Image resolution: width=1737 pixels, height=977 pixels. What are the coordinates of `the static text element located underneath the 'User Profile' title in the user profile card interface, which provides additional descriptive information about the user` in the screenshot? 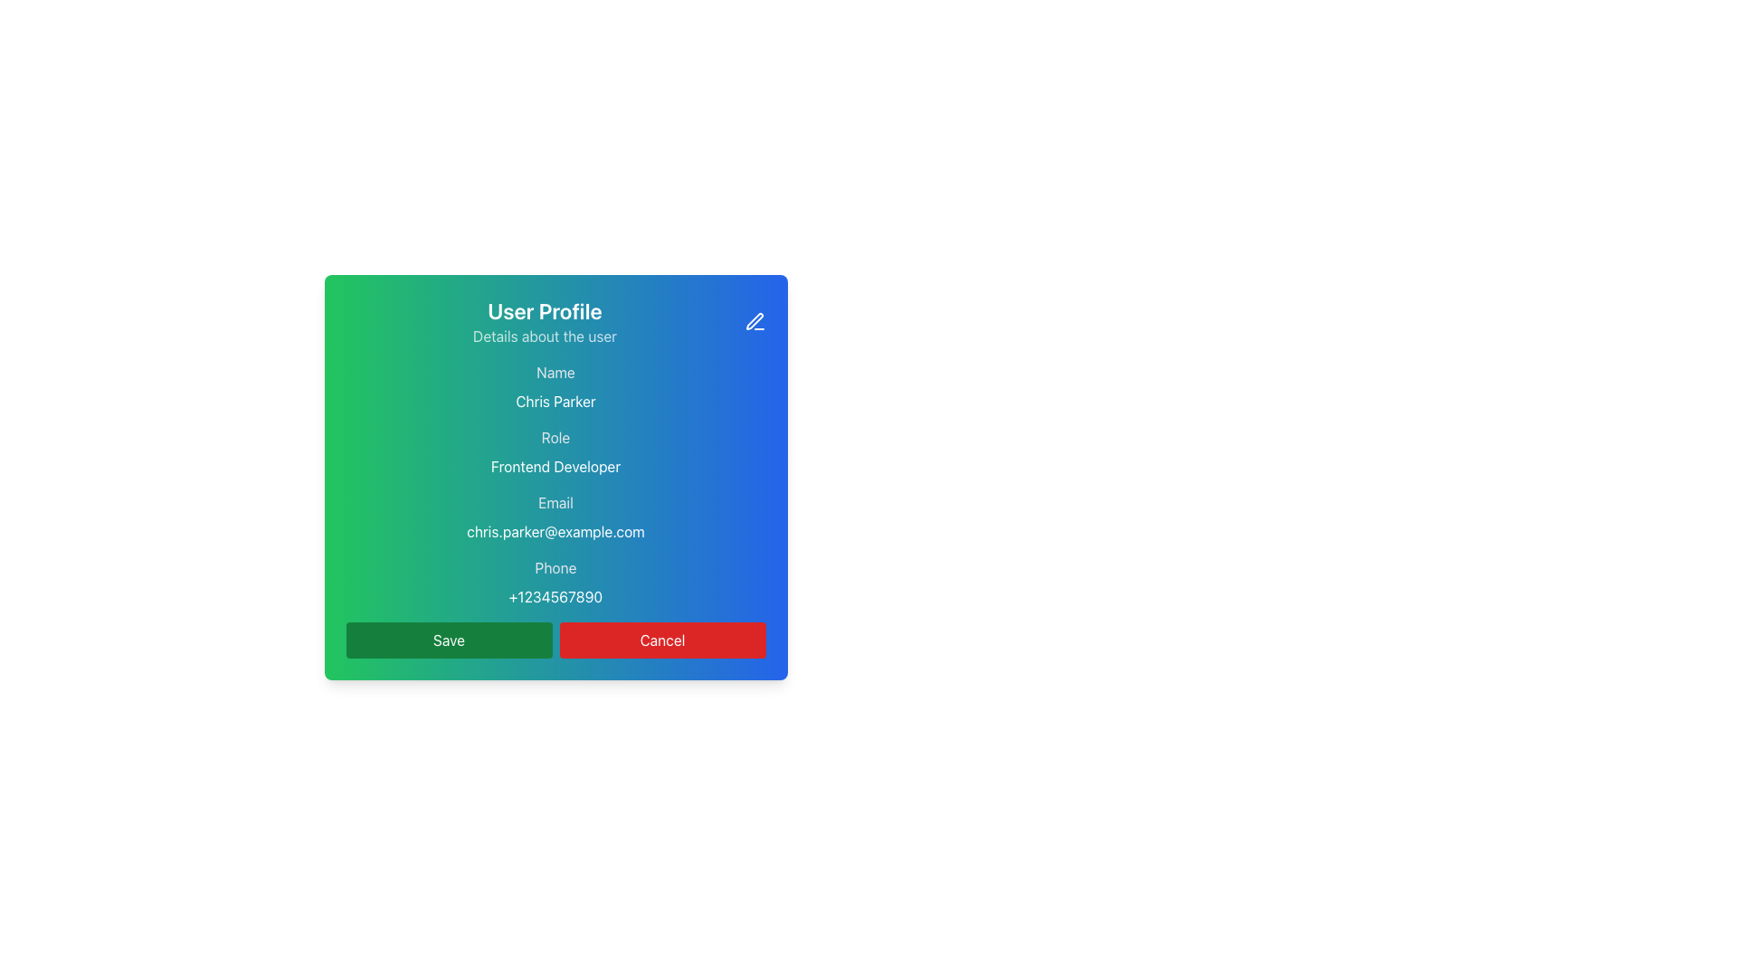 It's located at (544, 336).